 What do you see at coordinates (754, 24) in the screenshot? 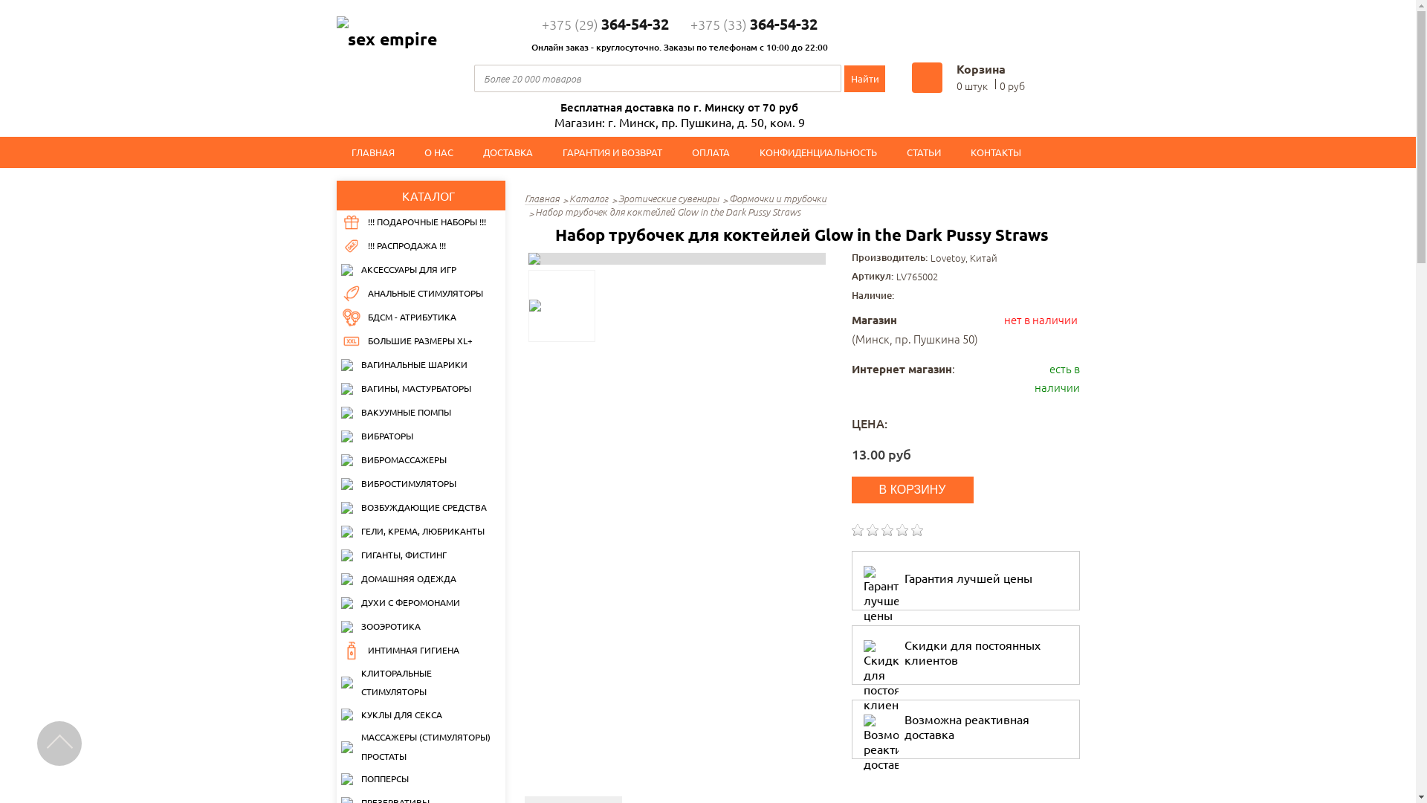
I see `'+375 (33)364-54-32'` at bounding box center [754, 24].